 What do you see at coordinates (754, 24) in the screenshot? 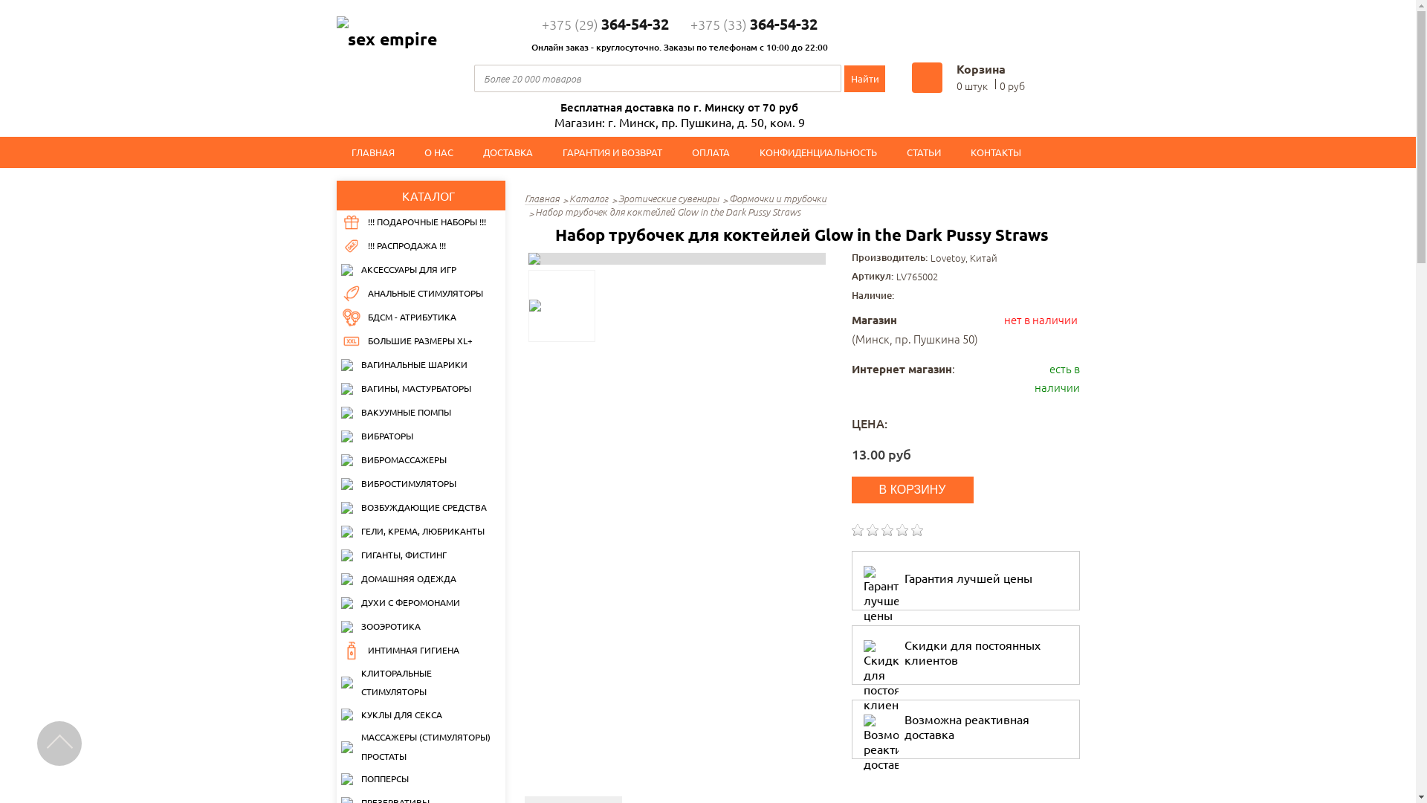
I see `'+375 (33)364-54-32'` at bounding box center [754, 24].